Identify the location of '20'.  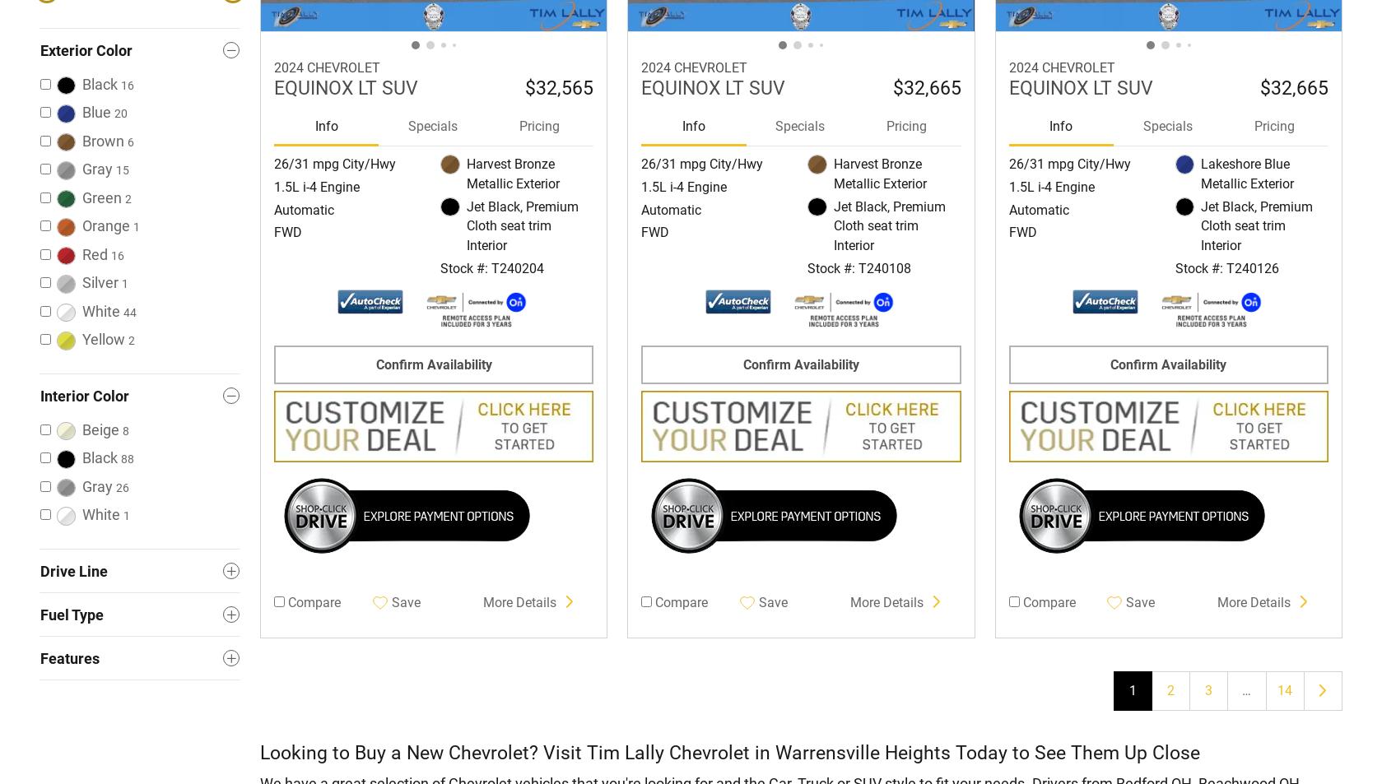
(120, 112).